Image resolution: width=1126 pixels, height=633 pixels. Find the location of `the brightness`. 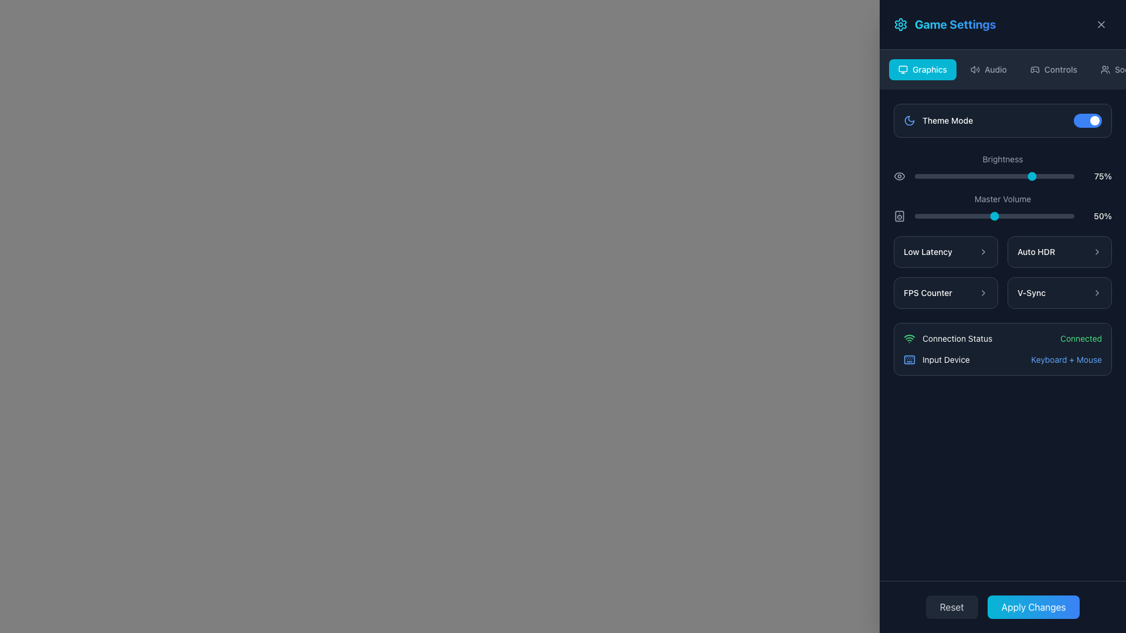

the brightness is located at coordinates (1042, 176).